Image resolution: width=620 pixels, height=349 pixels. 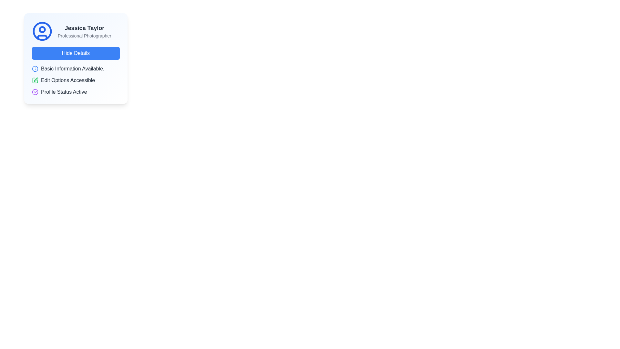 I want to click on the text label reading 'Basic Information Available.' which is styled in a standard sans-serif font and positioned beneath the 'Hide Details' button, so click(x=73, y=69).